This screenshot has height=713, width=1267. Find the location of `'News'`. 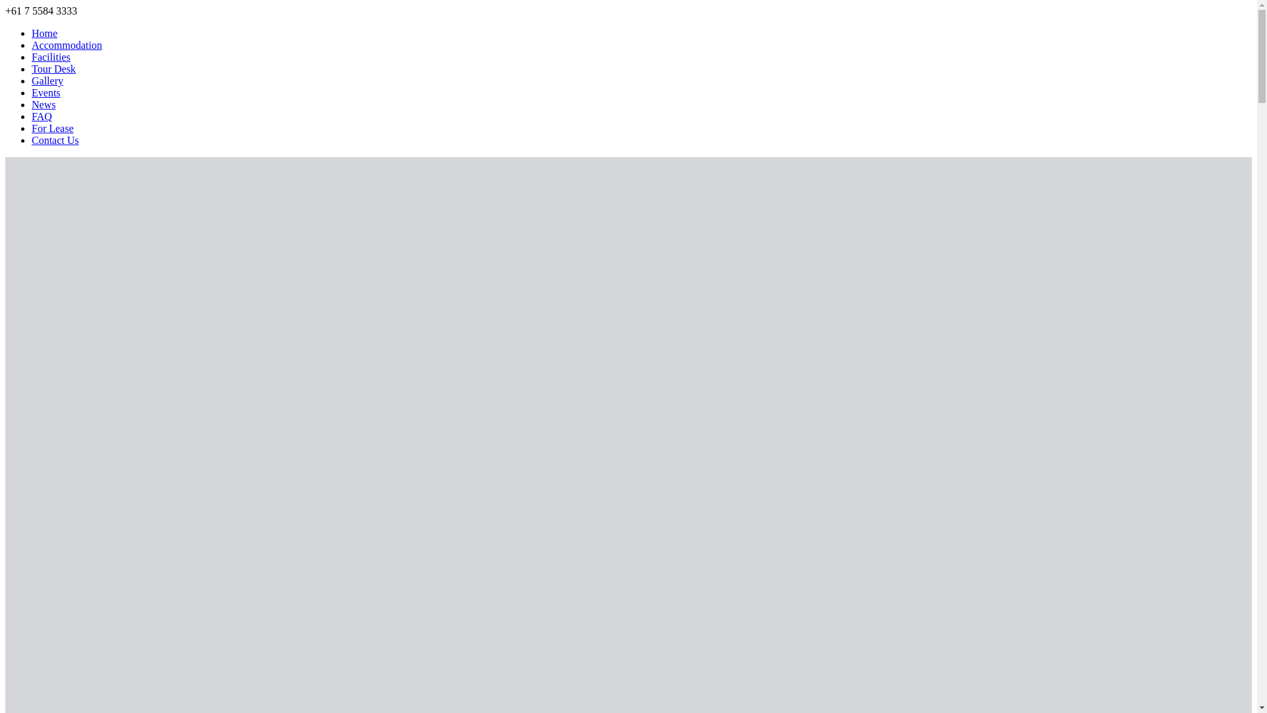

'News' is located at coordinates (44, 104).